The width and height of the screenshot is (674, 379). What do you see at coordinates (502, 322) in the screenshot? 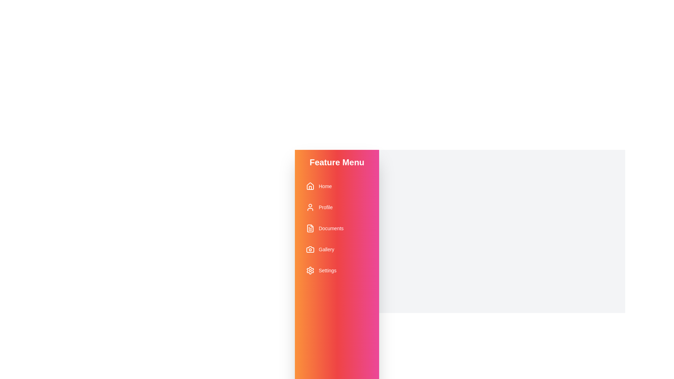
I see `'Close Drawer' button to toggle the drawer's state` at bounding box center [502, 322].